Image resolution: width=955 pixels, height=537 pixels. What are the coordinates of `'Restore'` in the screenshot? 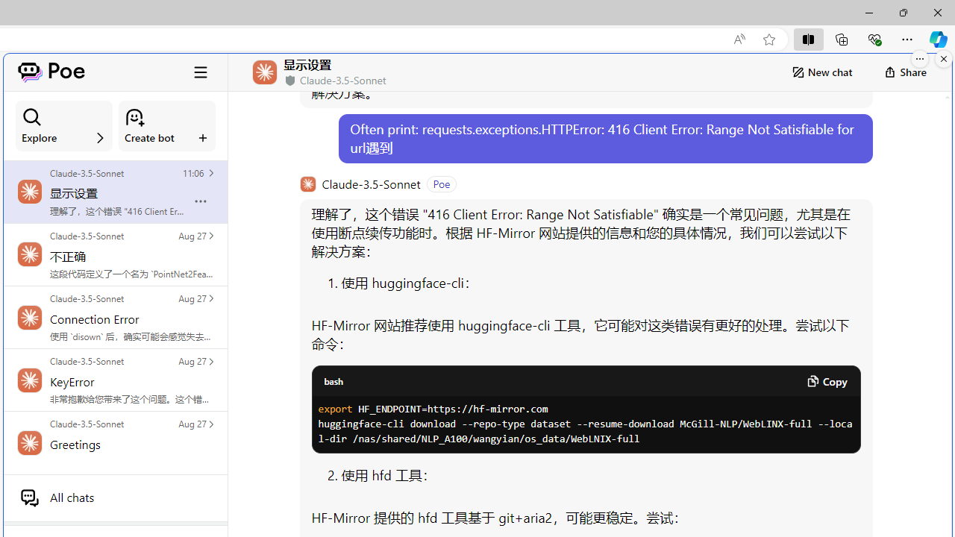 It's located at (902, 12).